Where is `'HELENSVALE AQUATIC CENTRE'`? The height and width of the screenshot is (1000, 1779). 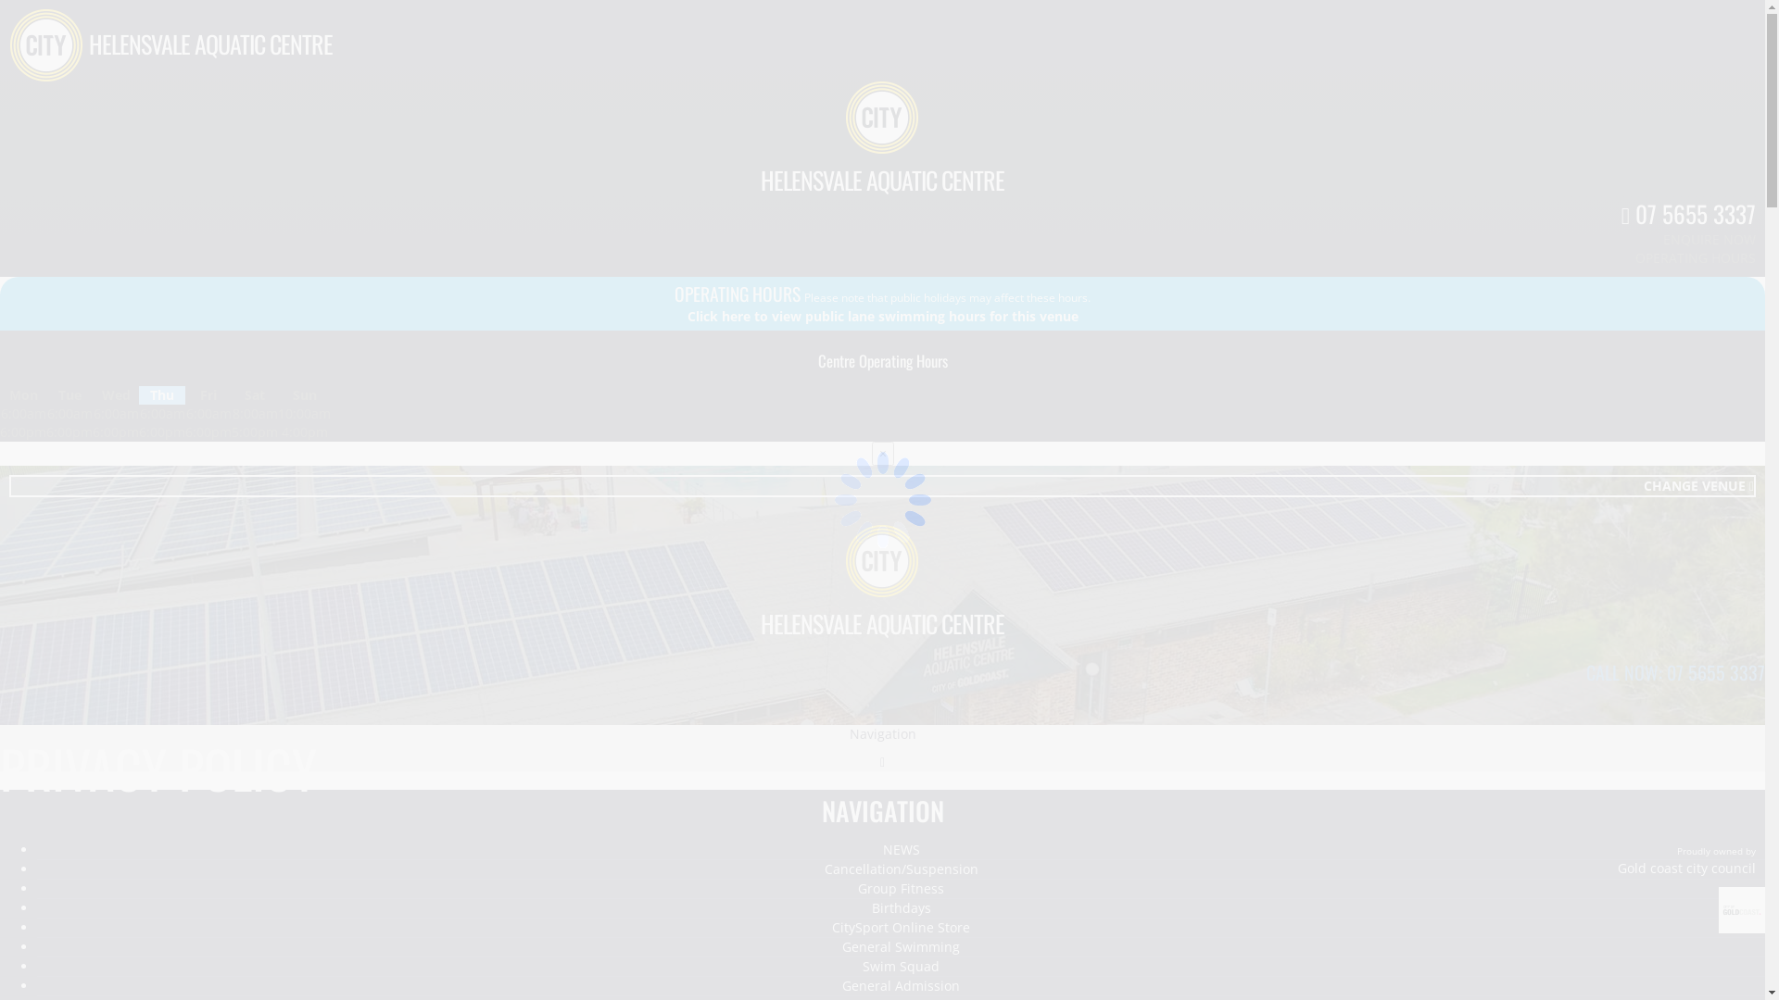 'HELENSVALE AQUATIC CENTRE' is located at coordinates (881, 180).